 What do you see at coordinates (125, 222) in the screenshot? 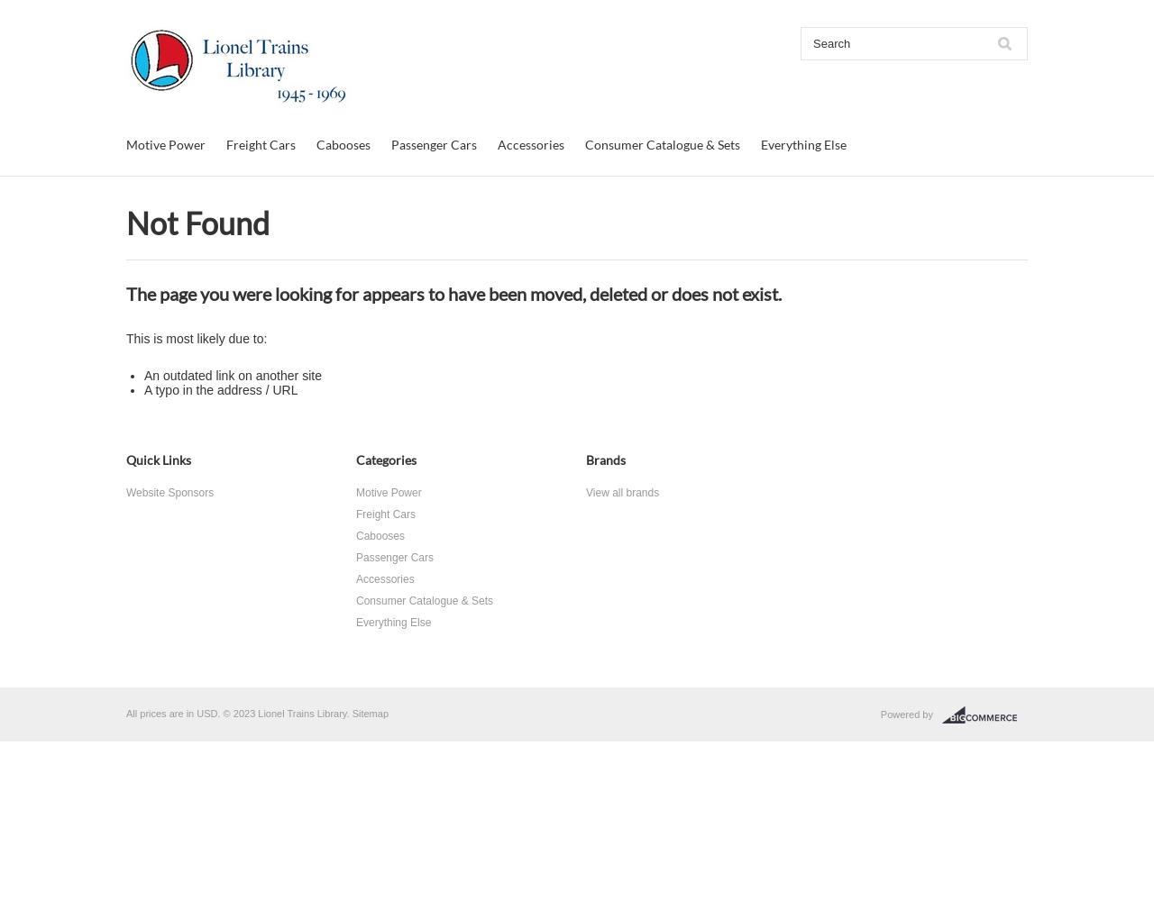
I see `'Not Found'` at bounding box center [125, 222].